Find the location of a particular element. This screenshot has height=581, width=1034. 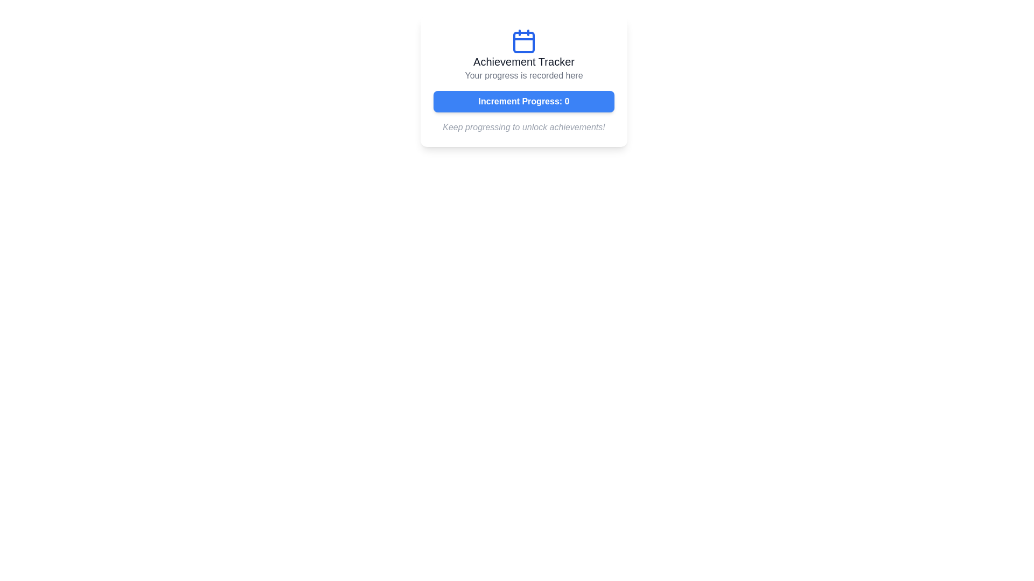

the 'Achievement Tracker' Text Label, which is styled in bold dark gray and positioned below a calendar icon and above the text 'Your progress is recorded here' is located at coordinates (524, 62).